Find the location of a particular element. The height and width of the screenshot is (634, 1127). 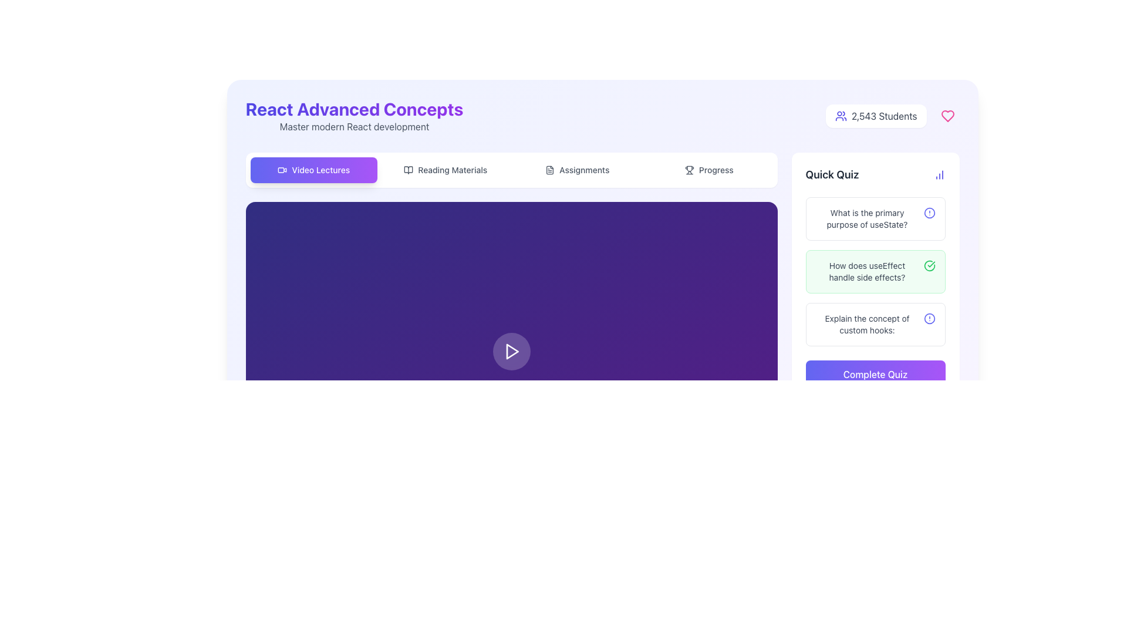

the heart icon located at the top-right of the interface, adjacent is located at coordinates (947, 116).